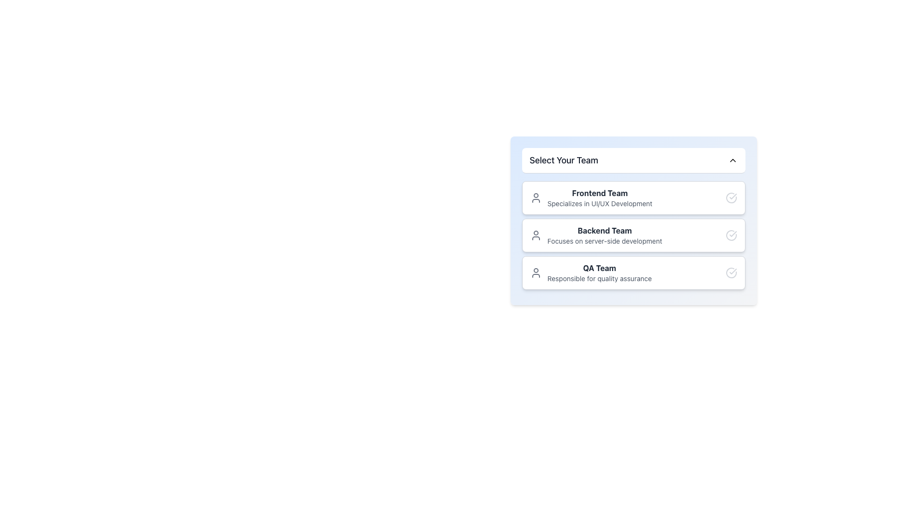 Image resolution: width=924 pixels, height=519 pixels. What do you see at coordinates (633, 272) in the screenshot?
I see `the 'QA Team' card which is the third card in the list of horizontally stacked cards, containing a user icon and descriptive text` at bounding box center [633, 272].